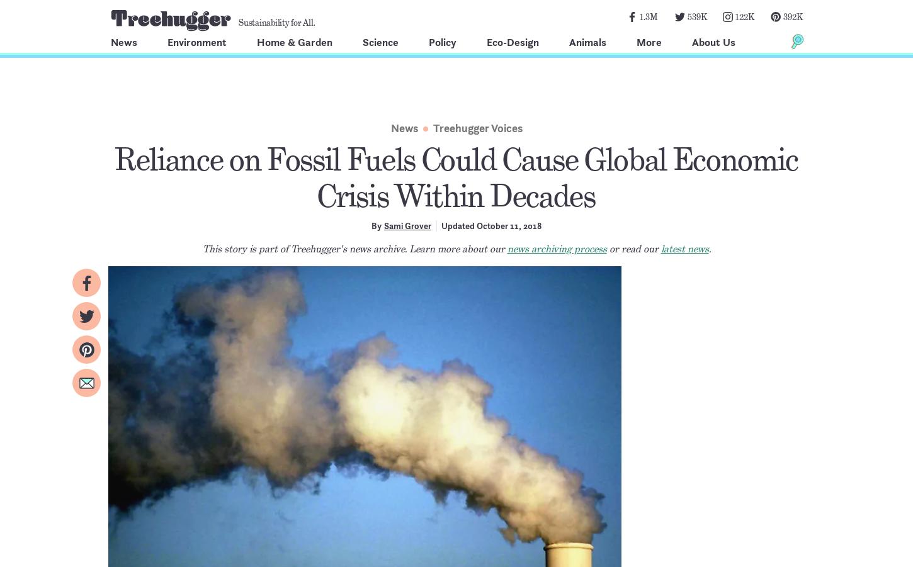 The image size is (913, 567). What do you see at coordinates (380, 42) in the screenshot?
I see `'Science'` at bounding box center [380, 42].